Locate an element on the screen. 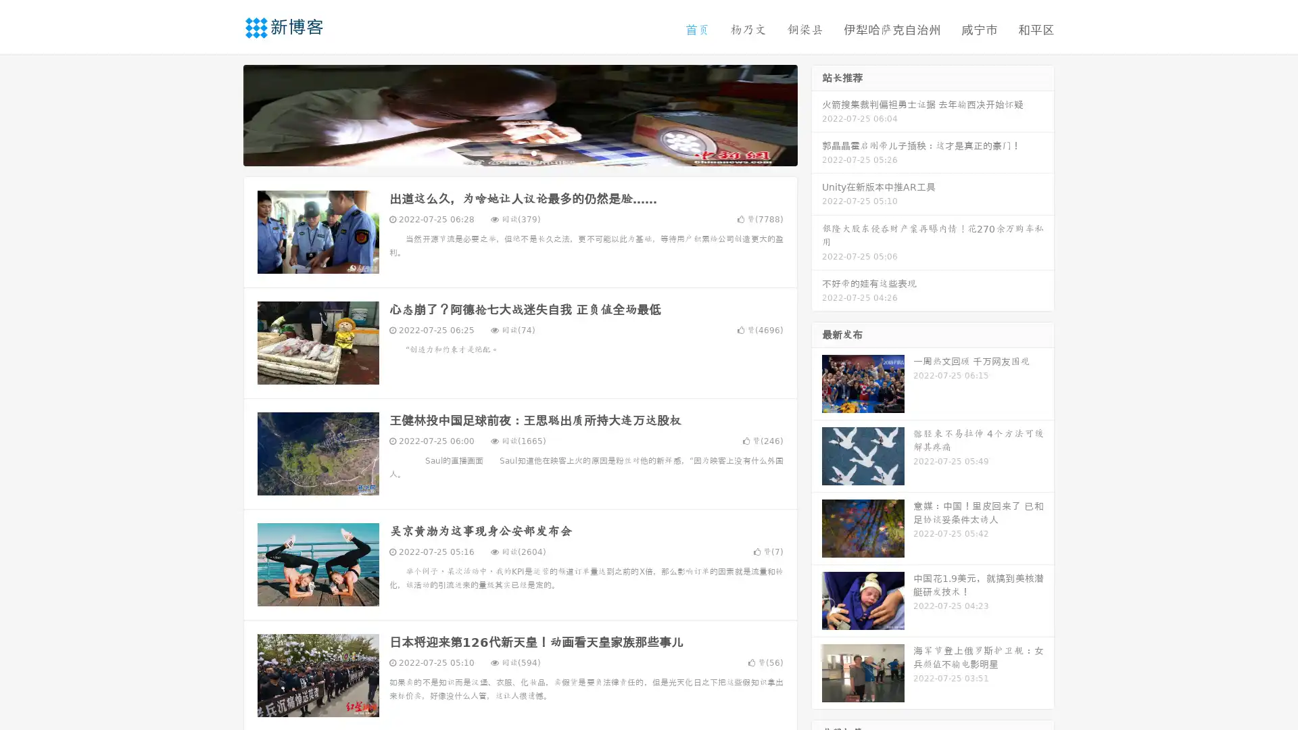 Image resolution: width=1298 pixels, height=730 pixels. Go to slide 3 is located at coordinates (533, 152).